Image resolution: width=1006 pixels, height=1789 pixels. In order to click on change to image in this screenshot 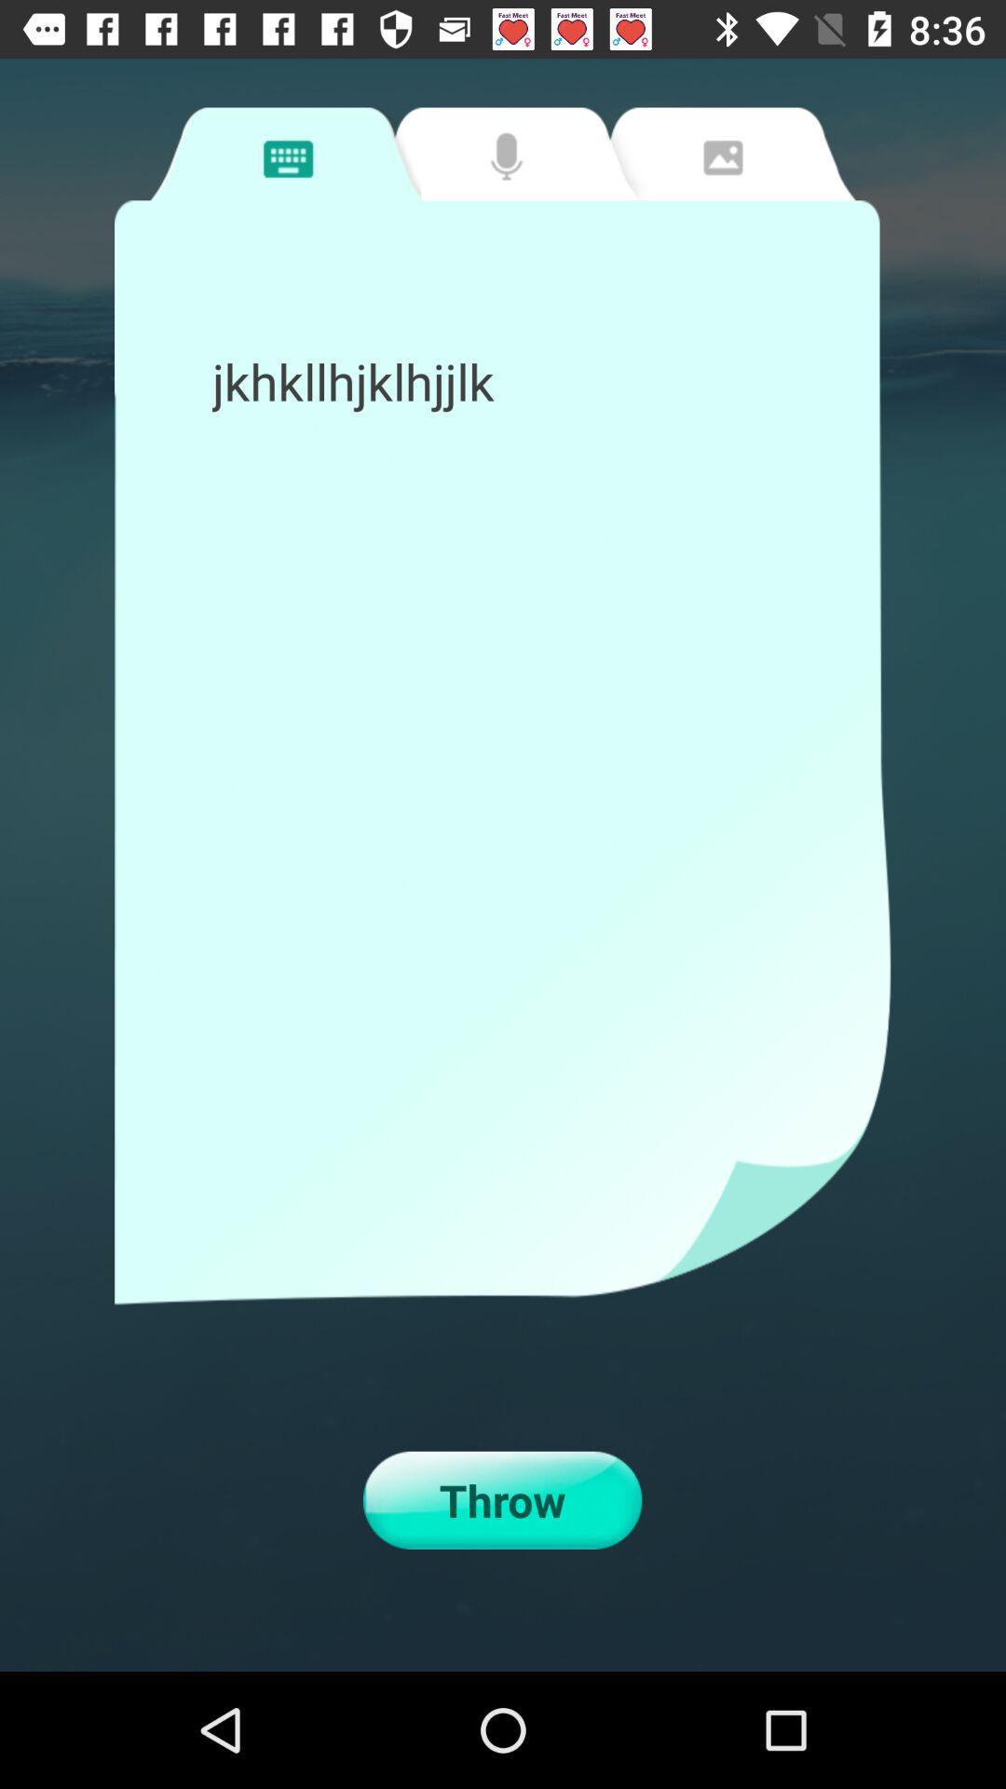, I will do `click(719, 154)`.